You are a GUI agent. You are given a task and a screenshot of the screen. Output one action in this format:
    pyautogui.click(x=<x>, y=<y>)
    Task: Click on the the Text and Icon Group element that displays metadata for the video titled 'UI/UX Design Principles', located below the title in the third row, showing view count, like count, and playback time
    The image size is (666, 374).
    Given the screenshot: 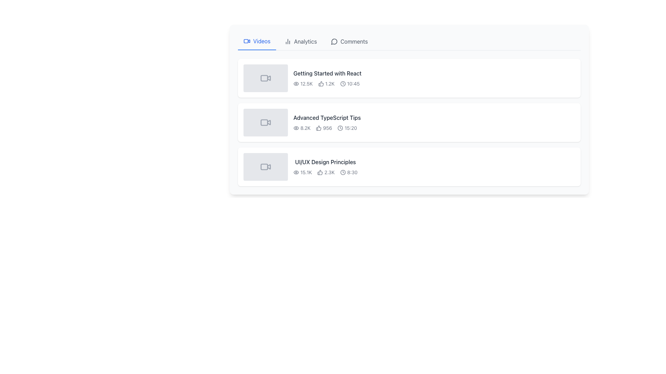 What is the action you would take?
    pyautogui.click(x=325, y=172)
    